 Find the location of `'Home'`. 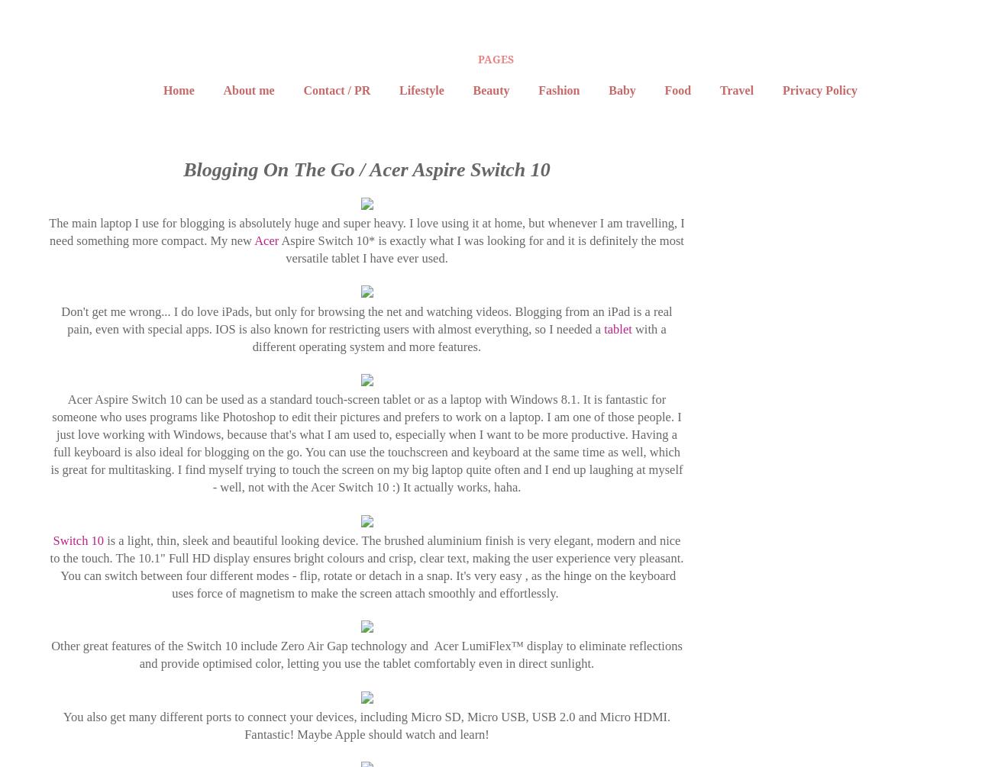

'Home' is located at coordinates (177, 89).